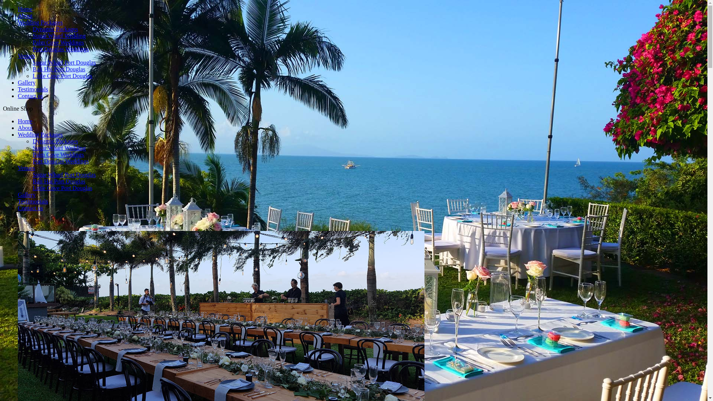 The image size is (713, 401). What do you see at coordinates (30, 95) in the screenshot?
I see `'Contact us'` at bounding box center [30, 95].